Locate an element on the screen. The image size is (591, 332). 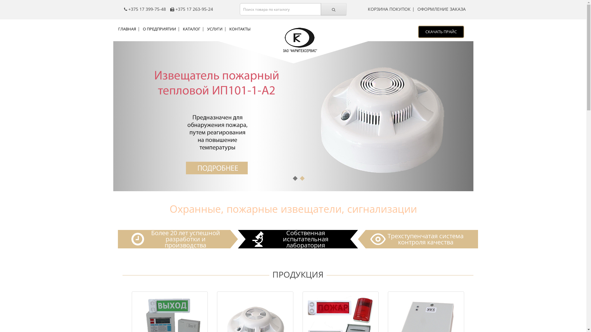
'Farm' is located at coordinates (299, 41).